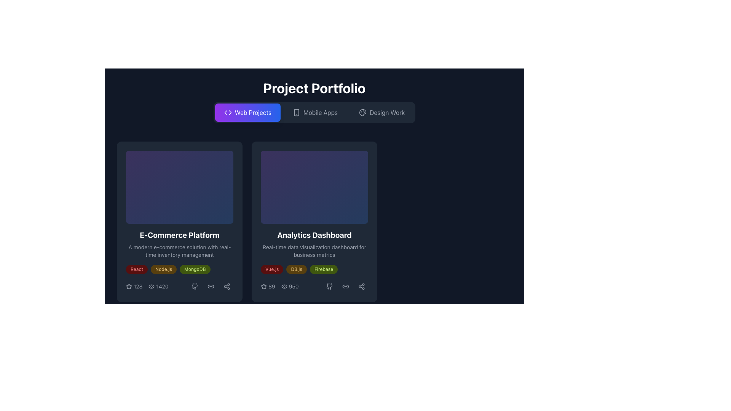 The width and height of the screenshot is (731, 411). What do you see at coordinates (329, 286) in the screenshot?
I see `the circular GitHub button with a cat-like figure in the bottom-right corner of the 'Analytics Dashboard' card to change its background color` at bounding box center [329, 286].